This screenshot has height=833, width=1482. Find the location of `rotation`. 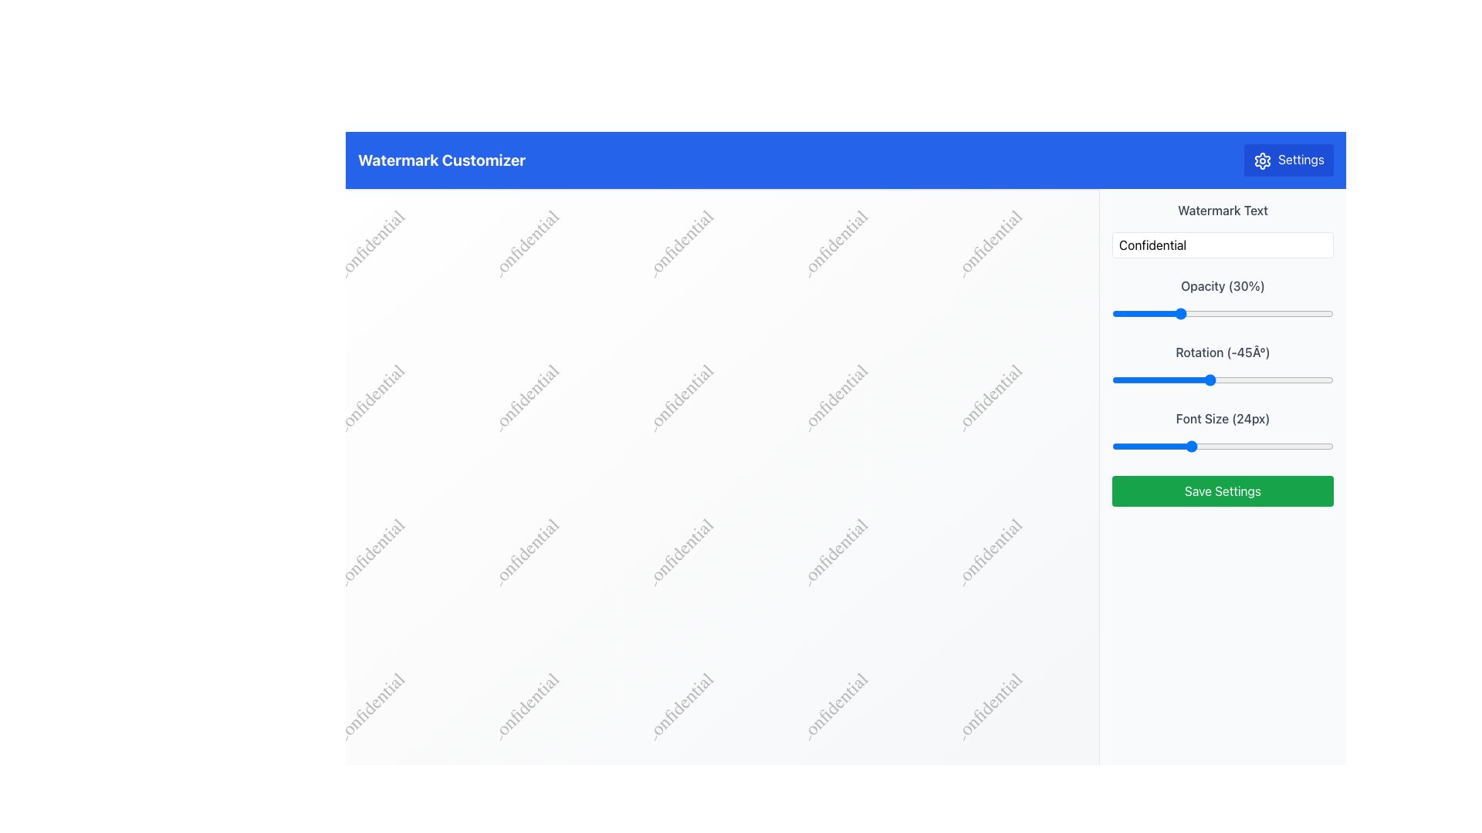

rotation is located at coordinates (1287, 379).